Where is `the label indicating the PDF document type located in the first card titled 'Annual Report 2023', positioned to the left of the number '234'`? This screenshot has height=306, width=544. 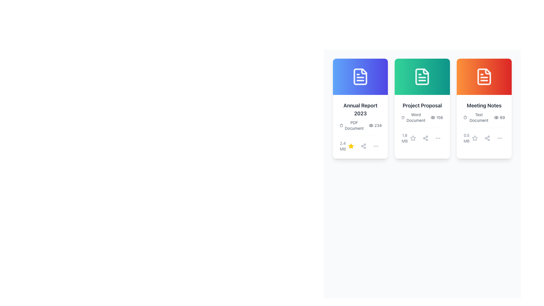 the label indicating the PDF document type located in the first card titled 'Annual Report 2023', positioned to the left of the number '234' is located at coordinates (352, 125).